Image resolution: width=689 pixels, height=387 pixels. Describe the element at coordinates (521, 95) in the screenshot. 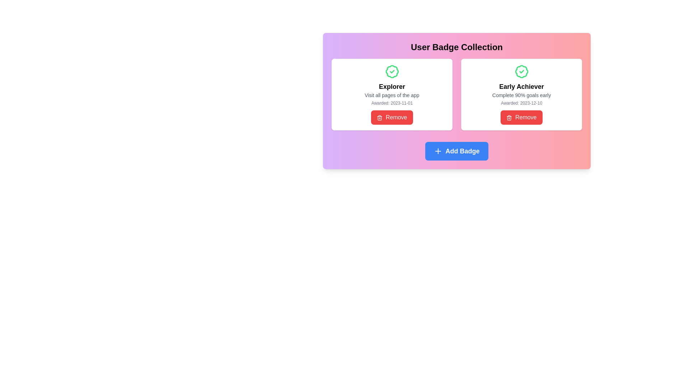

I see `the descriptive text element located below the 'Early Achiever' title and above the 'Remove' button in the right badge card of the 'User Badge Collection' section` at that location.